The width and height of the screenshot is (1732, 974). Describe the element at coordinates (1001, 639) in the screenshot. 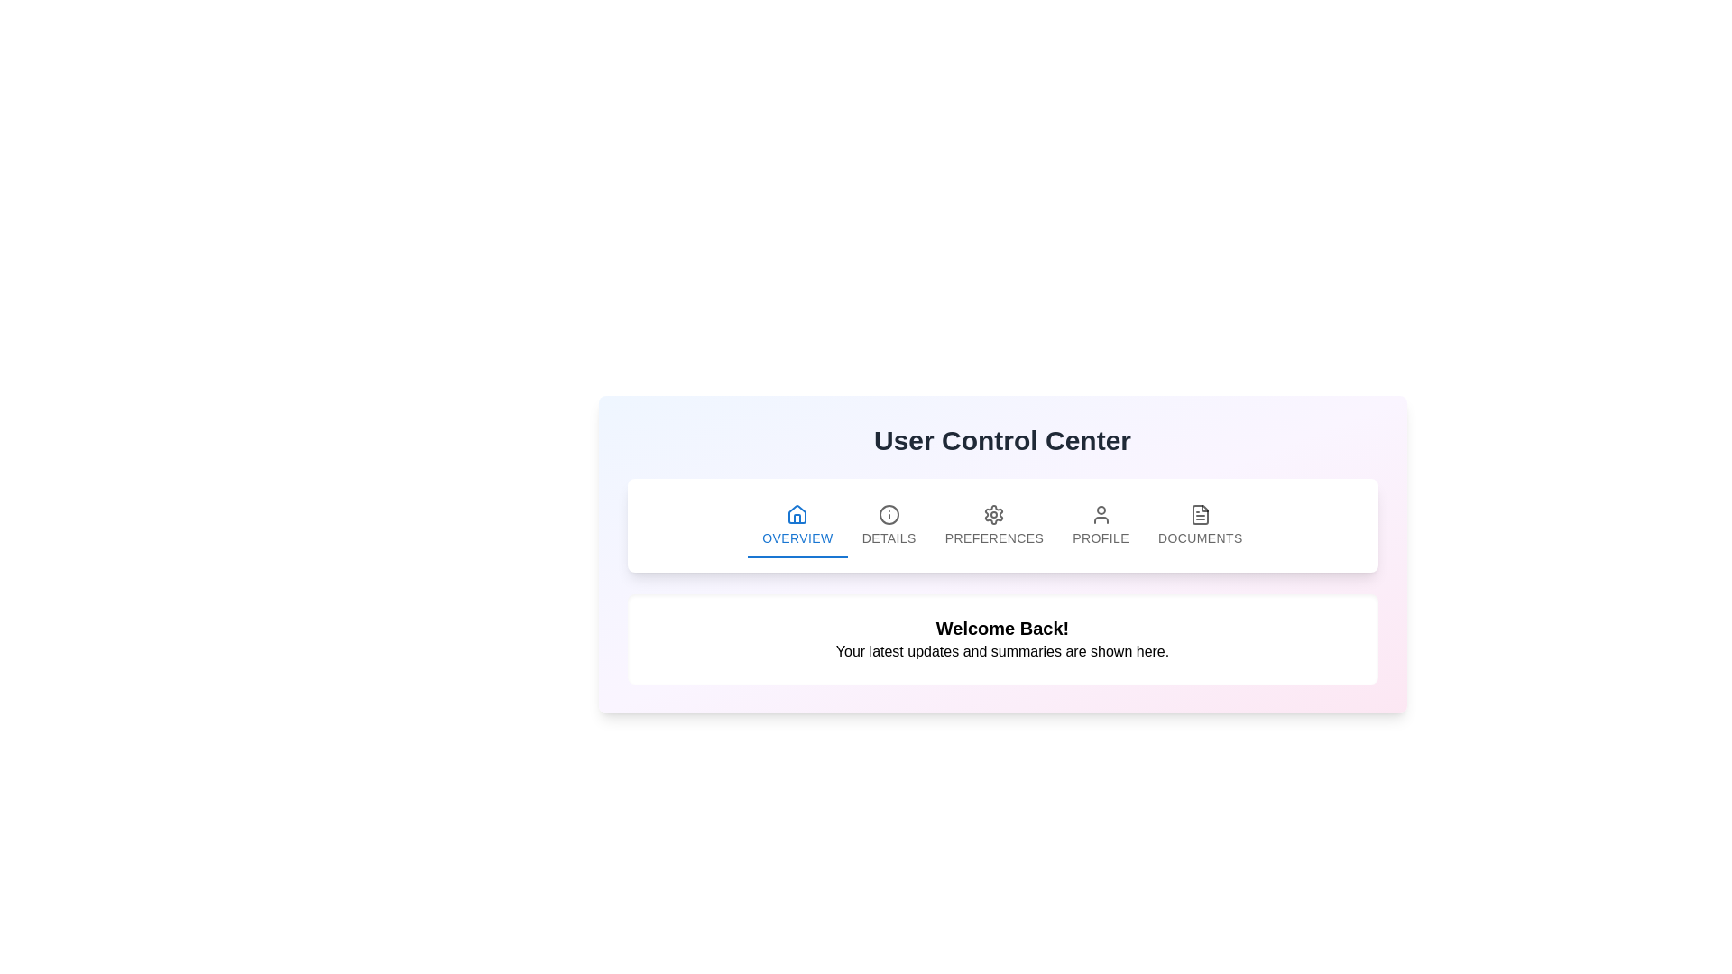

I see `the Text component that contains the header 'Welcome Back!' and the subtitle 'Your latest updates and summaries are shown here.'` at that location.